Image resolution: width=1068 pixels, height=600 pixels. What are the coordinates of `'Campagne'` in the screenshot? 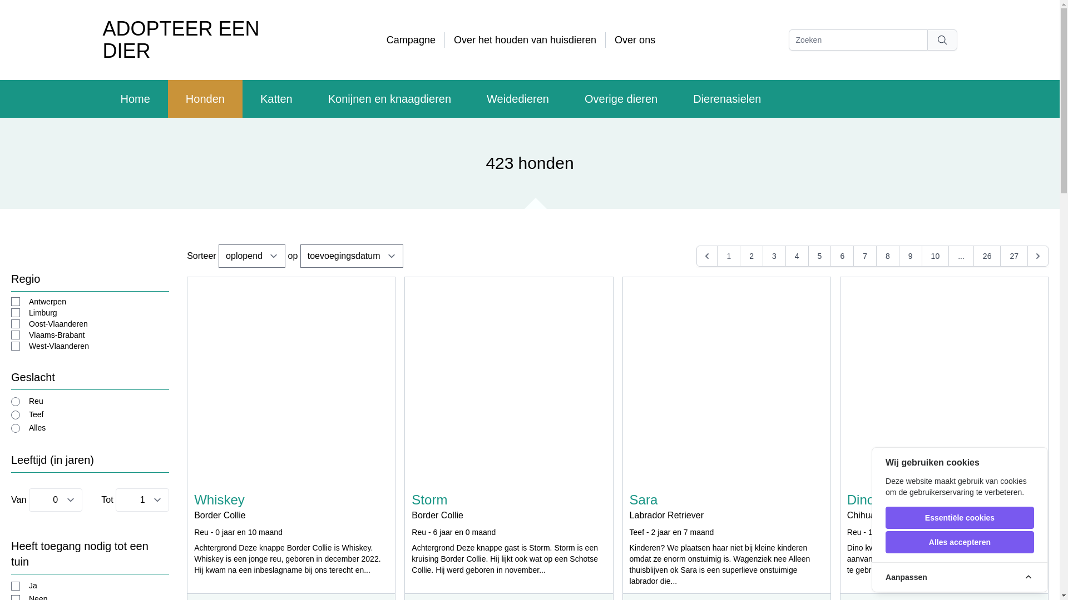 It's located at (411, 39).